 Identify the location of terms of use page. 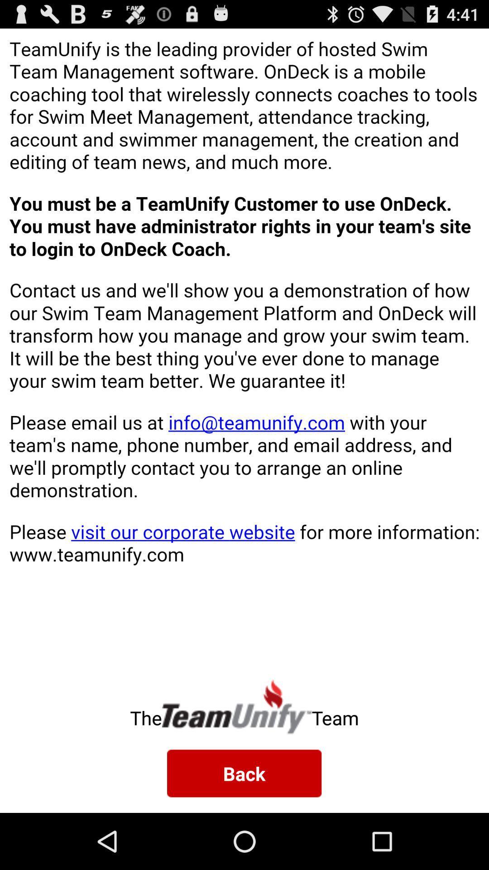
(244, 346).